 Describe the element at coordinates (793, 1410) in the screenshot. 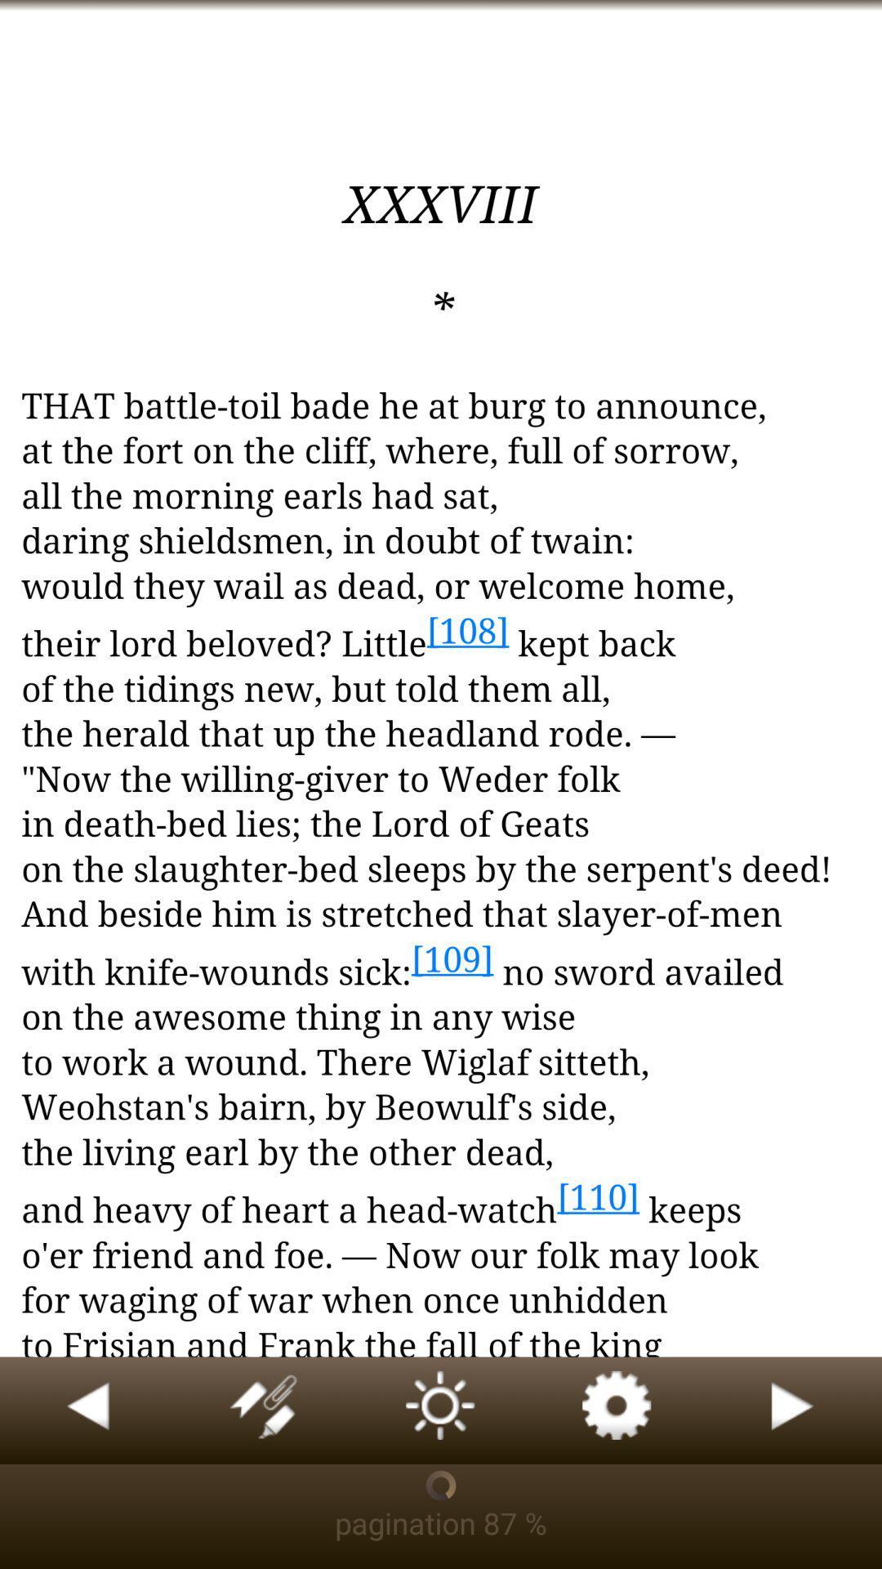

I see `next` at that location.